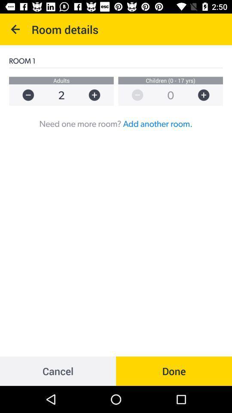 This screenshot has width=232, height=413. What do you see at coordinates (133, 95) in the screenshot?
I see `reduce number of children` at bounding box center [133, 95].